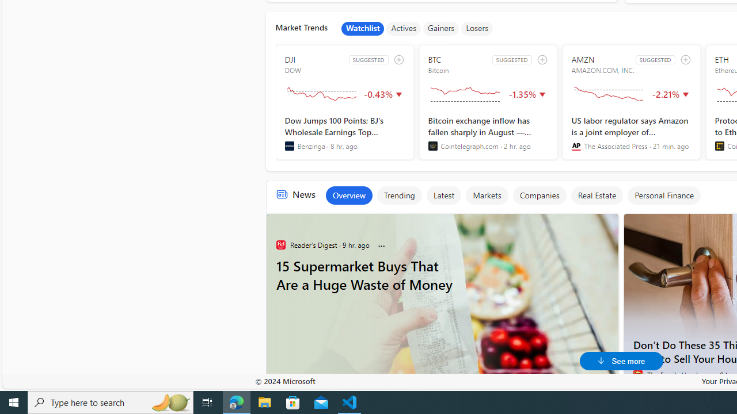 The image size is (737, 414). I want to click on 'Cointelegraph.com', so click(432, 145).